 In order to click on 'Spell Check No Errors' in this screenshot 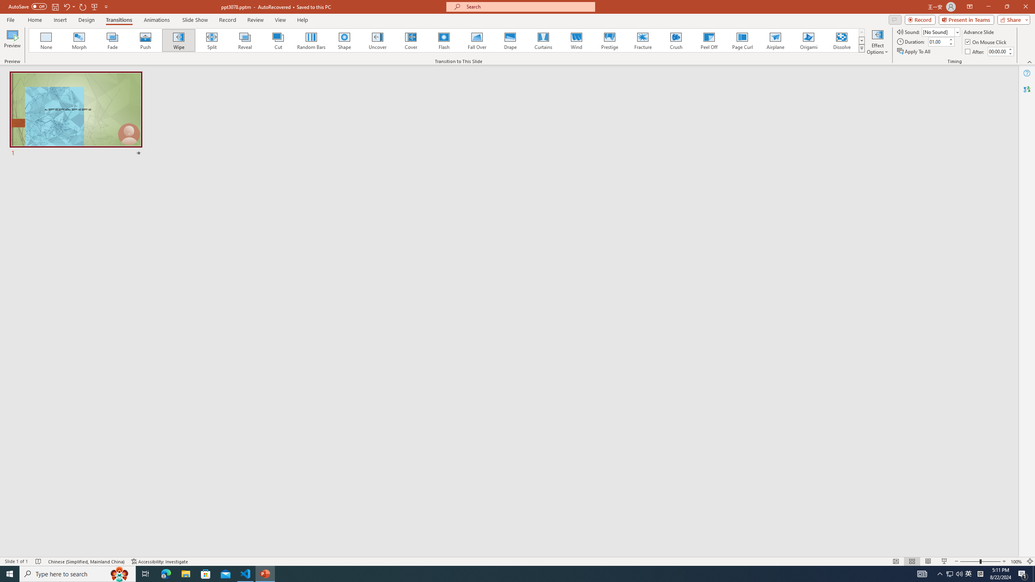, I will do `click(38, 561)`.